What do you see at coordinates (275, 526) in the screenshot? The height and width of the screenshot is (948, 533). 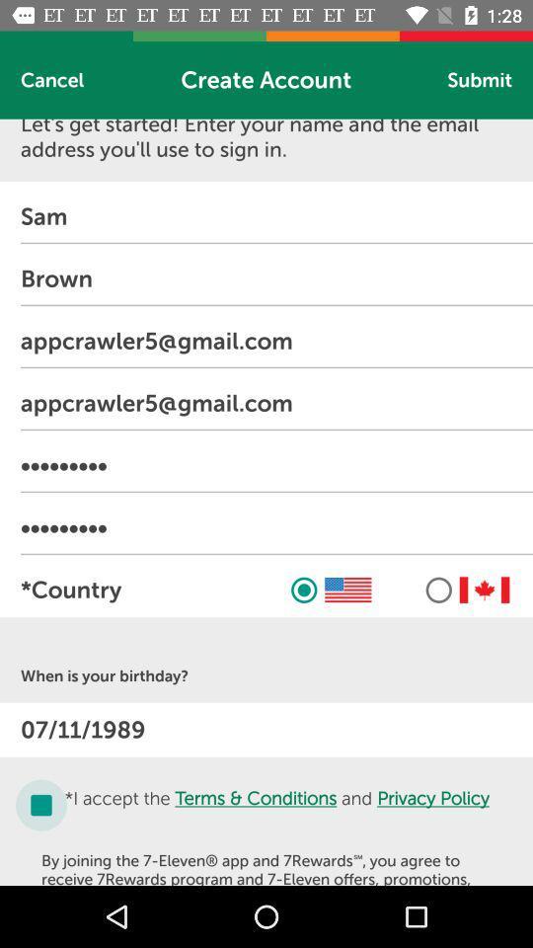 I see `the text field above the country` at bounding box center [275, 526].